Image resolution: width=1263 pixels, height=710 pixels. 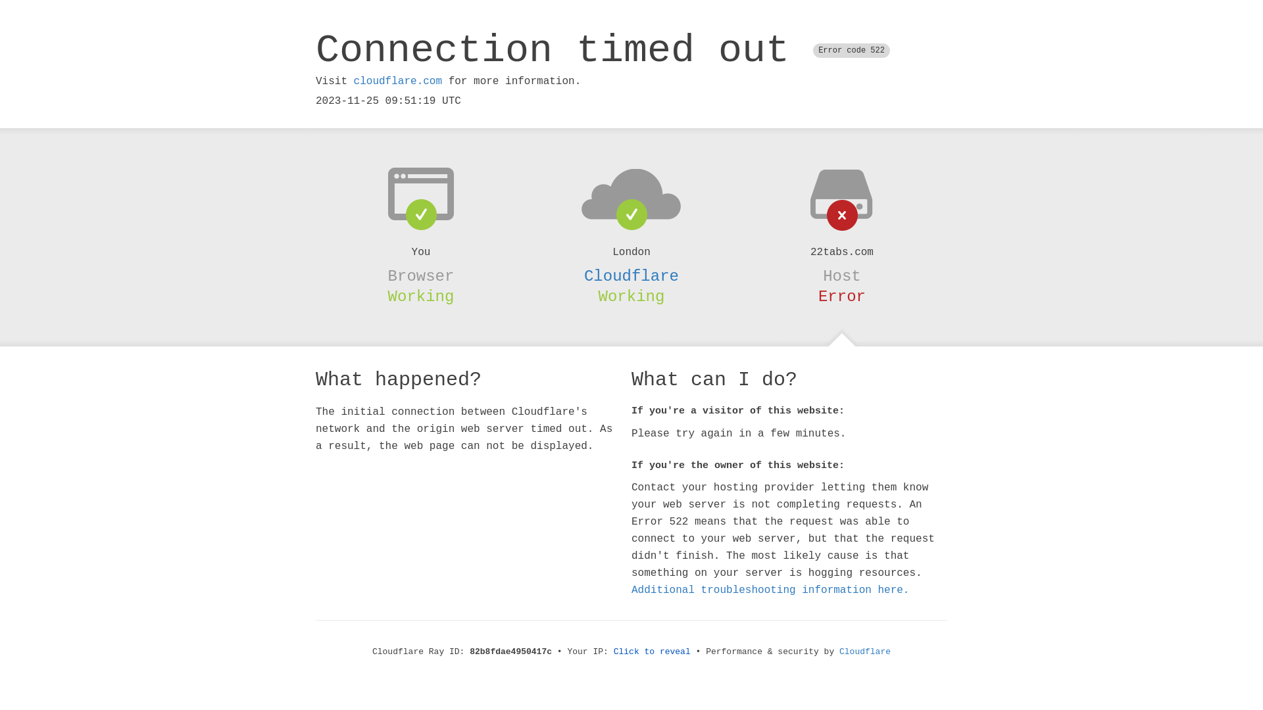 I want to click on 'Cloudflare', so click(x=583, y=275).